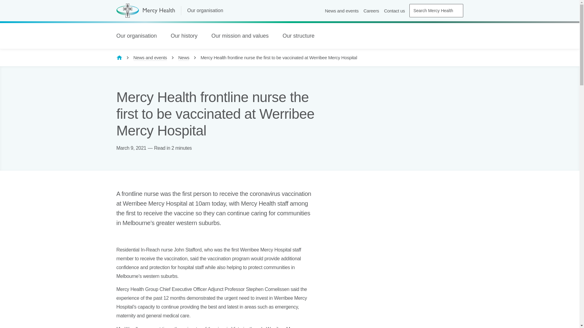  Describe the element at coordinates (371, 10) in the screenshot. I see `'Careers'` at that location.